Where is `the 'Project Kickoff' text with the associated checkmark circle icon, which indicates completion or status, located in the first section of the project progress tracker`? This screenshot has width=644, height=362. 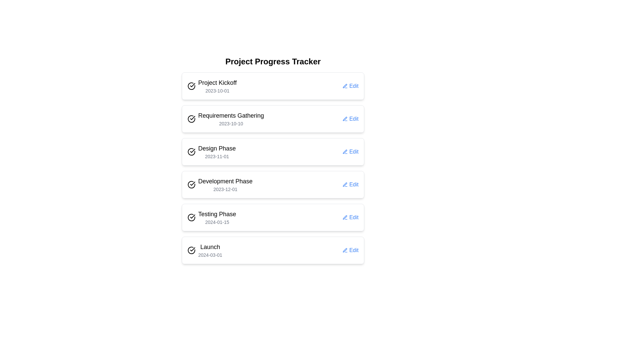 the 'Project Kickoff' text with the associated checkmark circle icon, which indicates completion or status, located in the first section of the project progress tracker is located at coordinates (212, 86).